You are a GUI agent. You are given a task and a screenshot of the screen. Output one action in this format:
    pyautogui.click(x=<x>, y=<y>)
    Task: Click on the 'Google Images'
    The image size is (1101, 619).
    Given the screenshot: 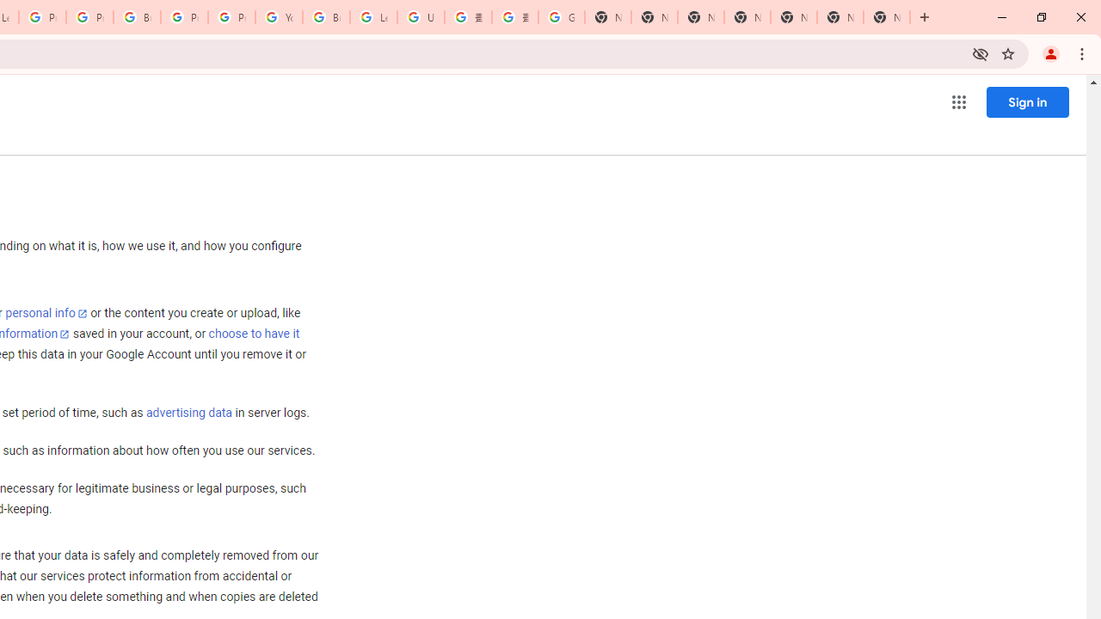 What is the action you would take?
    pyautogui.click(x=561, y=17)
    